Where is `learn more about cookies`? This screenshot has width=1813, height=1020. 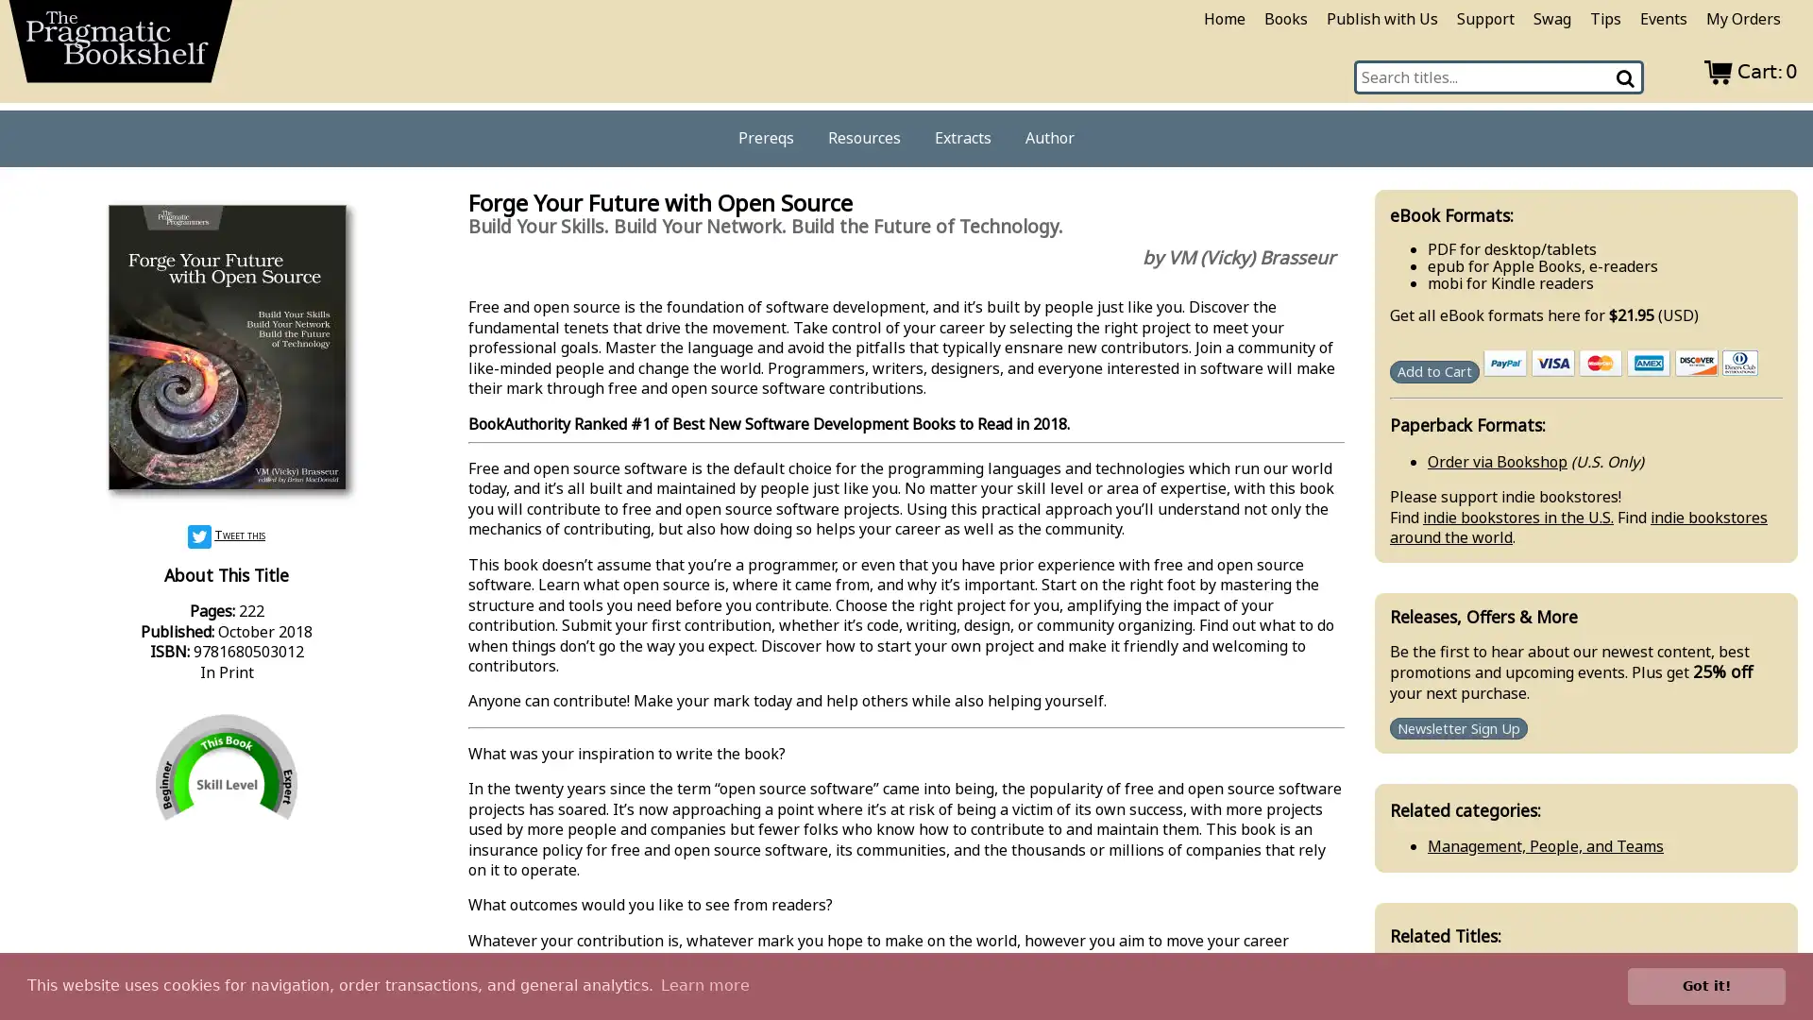
learn more about cookies is located at coordinates (703, 985).